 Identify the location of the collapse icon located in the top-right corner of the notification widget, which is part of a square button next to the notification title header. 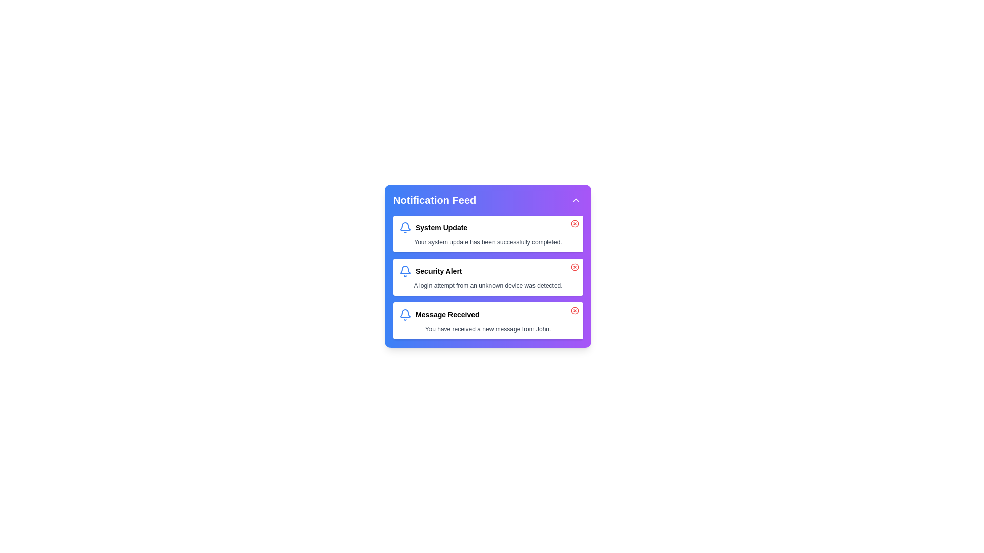
(576, 200).